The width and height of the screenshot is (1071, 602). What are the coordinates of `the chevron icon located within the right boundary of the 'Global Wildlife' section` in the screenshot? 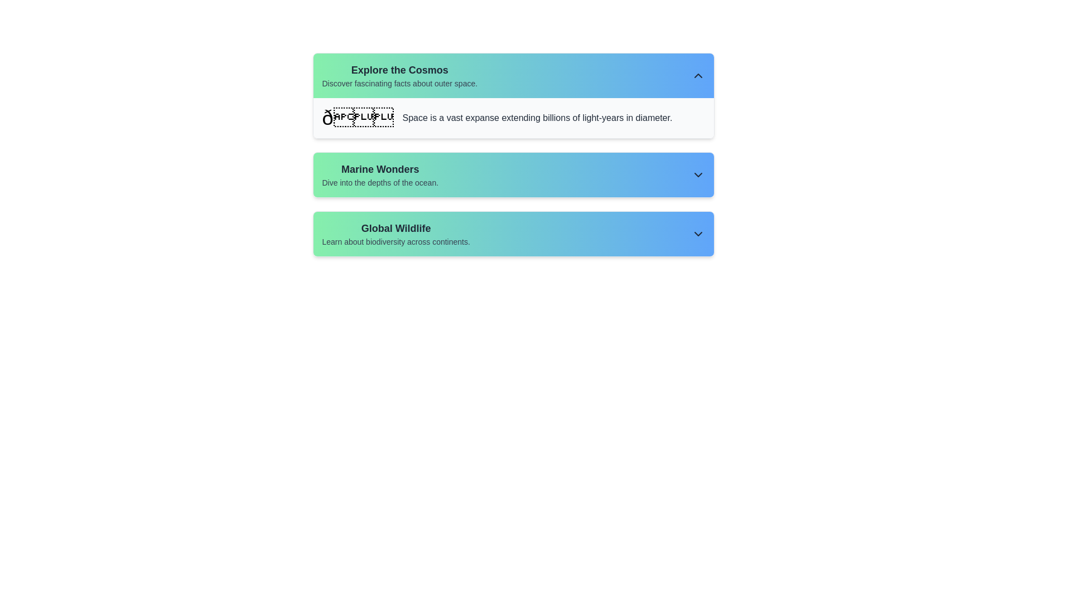 It's located at (697, 234).